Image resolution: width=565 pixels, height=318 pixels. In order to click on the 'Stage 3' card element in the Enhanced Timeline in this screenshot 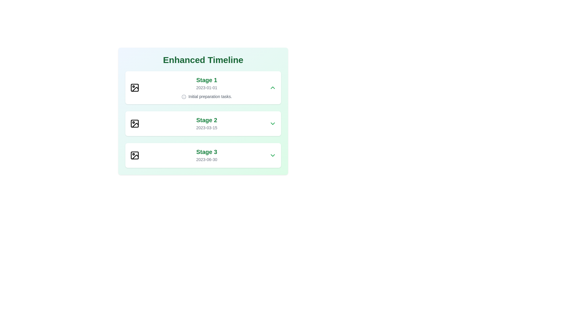, I will do `click(203, 155)`.